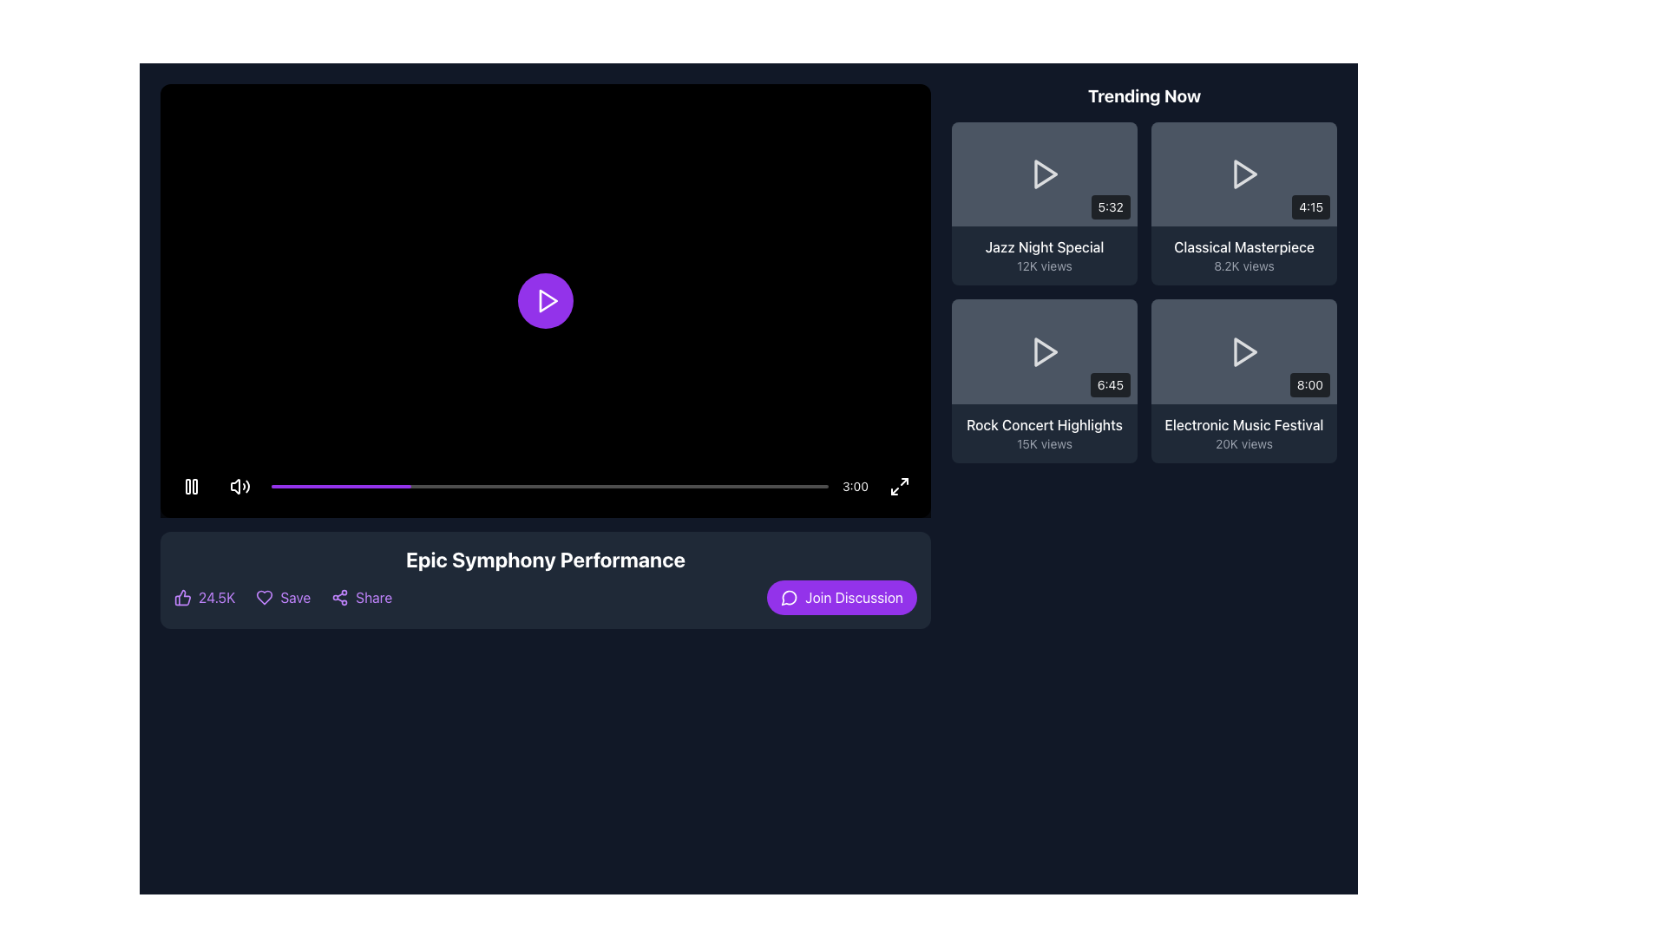  What do you see at coordinates (1243, 266) in the screenshot?
I see `the text label displaying the view count for the video titled 'Classical Masterpiece', located in the 'Trending Now' section beneath its title` at bounding box center [1243, 266].